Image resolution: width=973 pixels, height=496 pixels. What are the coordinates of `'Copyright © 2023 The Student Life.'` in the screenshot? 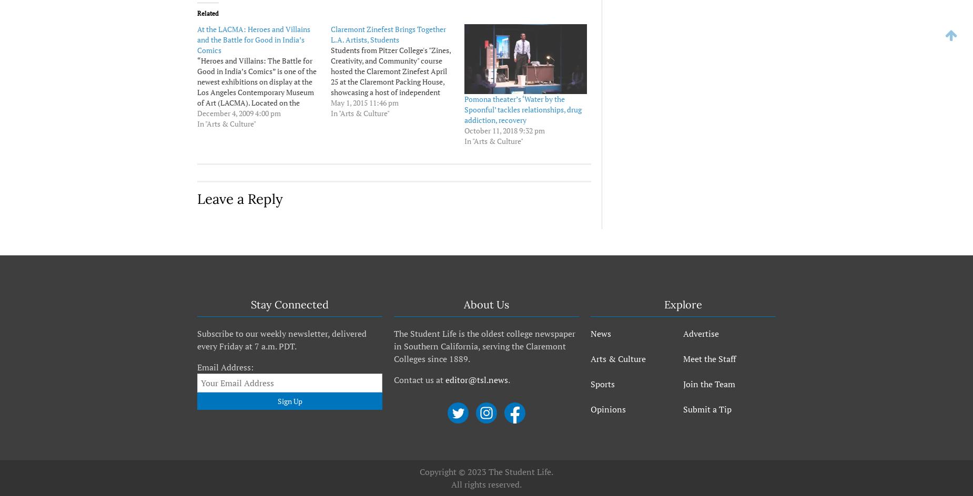 It's located at (486, 471).